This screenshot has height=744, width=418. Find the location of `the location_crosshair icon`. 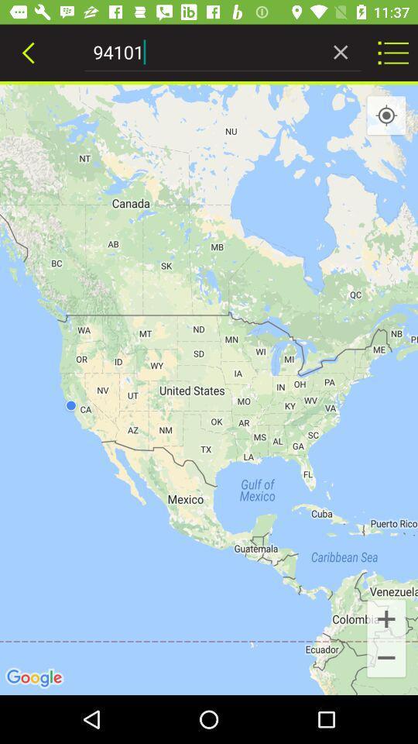

the location_crosshair icon is located at coordinates (385, 115).